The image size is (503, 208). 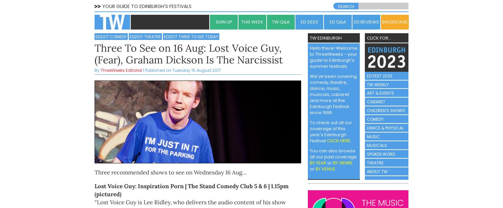 I want to click on 'SPOKEN WORD', so click(x=381, y=154).